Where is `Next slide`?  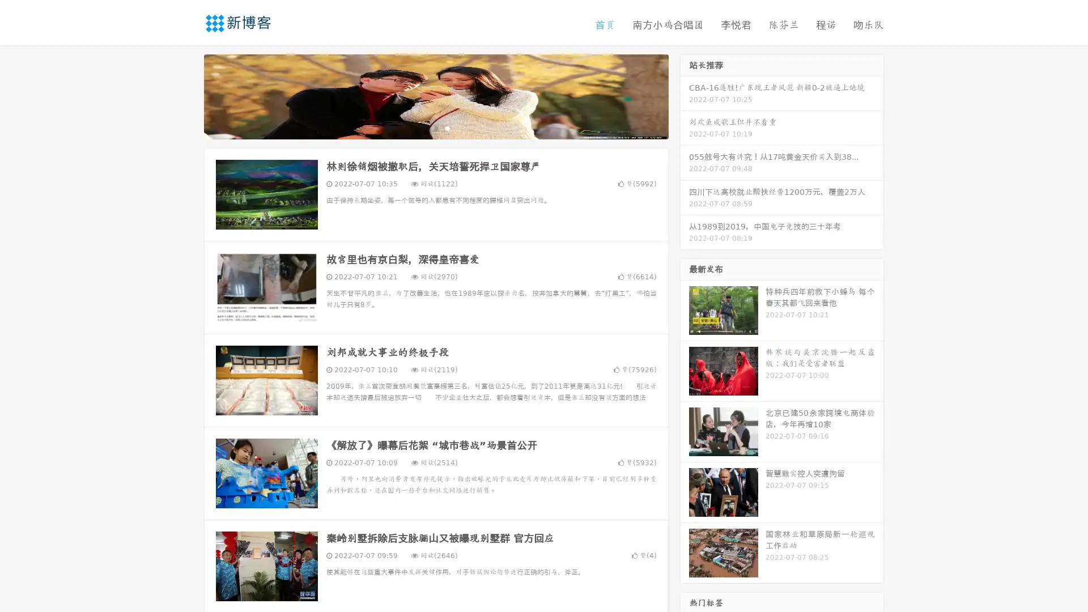
Next slide is located at coordinates (685, 95).